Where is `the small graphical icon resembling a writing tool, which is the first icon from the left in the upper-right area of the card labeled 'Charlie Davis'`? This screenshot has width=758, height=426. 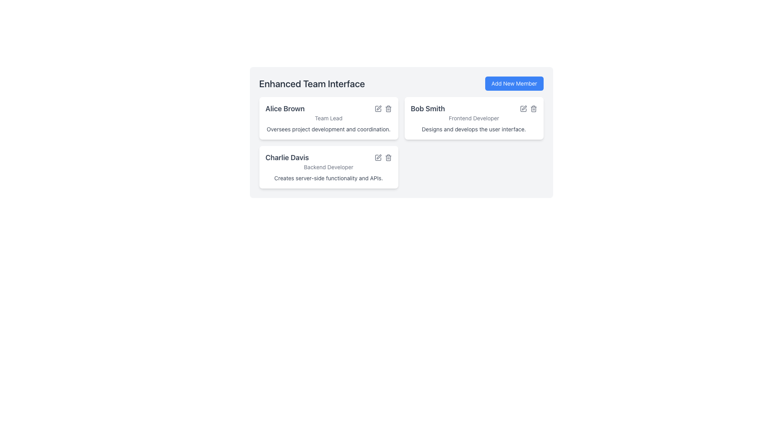
the small graphical icon resembling a writing tool, which is the first icon from the left in the upper-right area of the card labeled 'Charlie Davis' is located at coordinates (378, 157).